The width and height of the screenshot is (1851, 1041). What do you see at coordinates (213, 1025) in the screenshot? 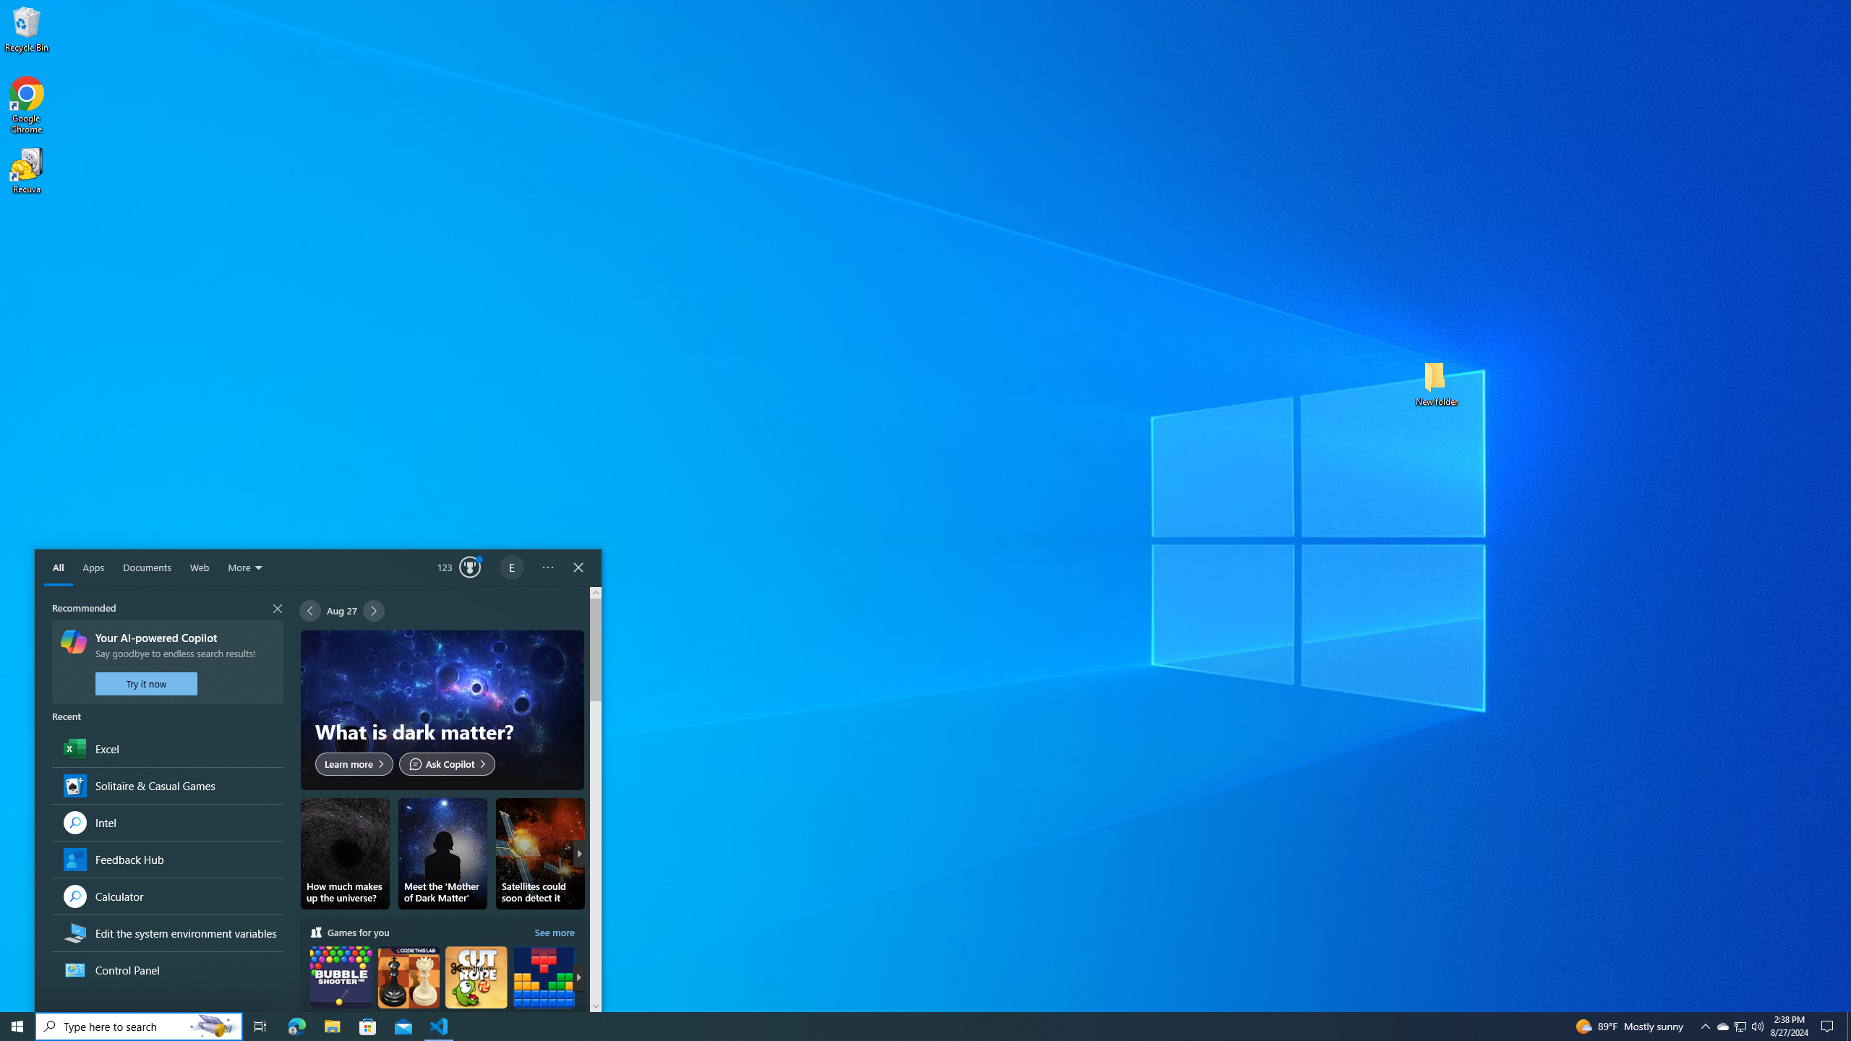
I see `'Search Highlights Icon'` at bounding box center [213, 1025].